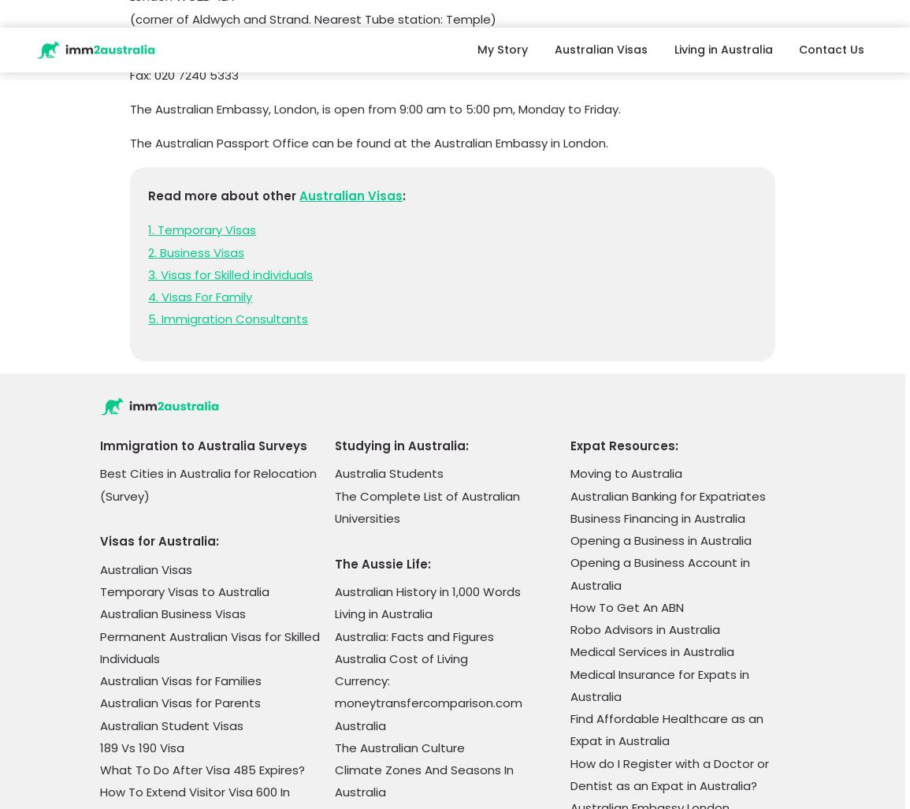 Image resolution: width=910 pixels, height=809 pixels. Describe the element at coordinates (442, 523) in the screenshot. I see `'Top 5 Travel Destinations in Northern Territory'` at that location.